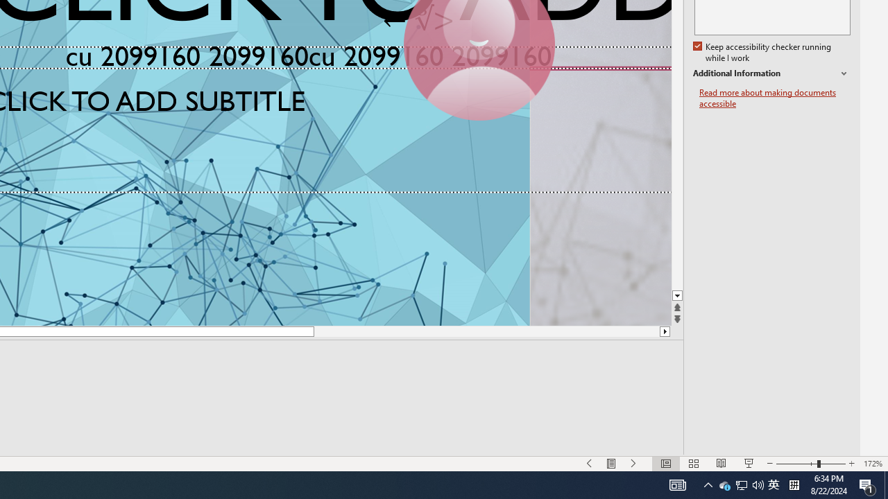  What do you see at coordinates (774, 98) in the screenshot?
I see `'Read more about making documents accessible'` at bounding box center [774, 98].